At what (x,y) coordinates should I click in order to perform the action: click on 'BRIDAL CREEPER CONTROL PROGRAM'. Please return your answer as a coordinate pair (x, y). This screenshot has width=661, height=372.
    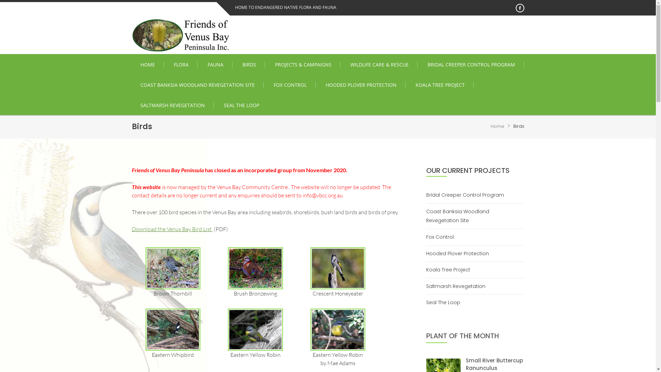
    Looking at the image, I should click on (471, 65).